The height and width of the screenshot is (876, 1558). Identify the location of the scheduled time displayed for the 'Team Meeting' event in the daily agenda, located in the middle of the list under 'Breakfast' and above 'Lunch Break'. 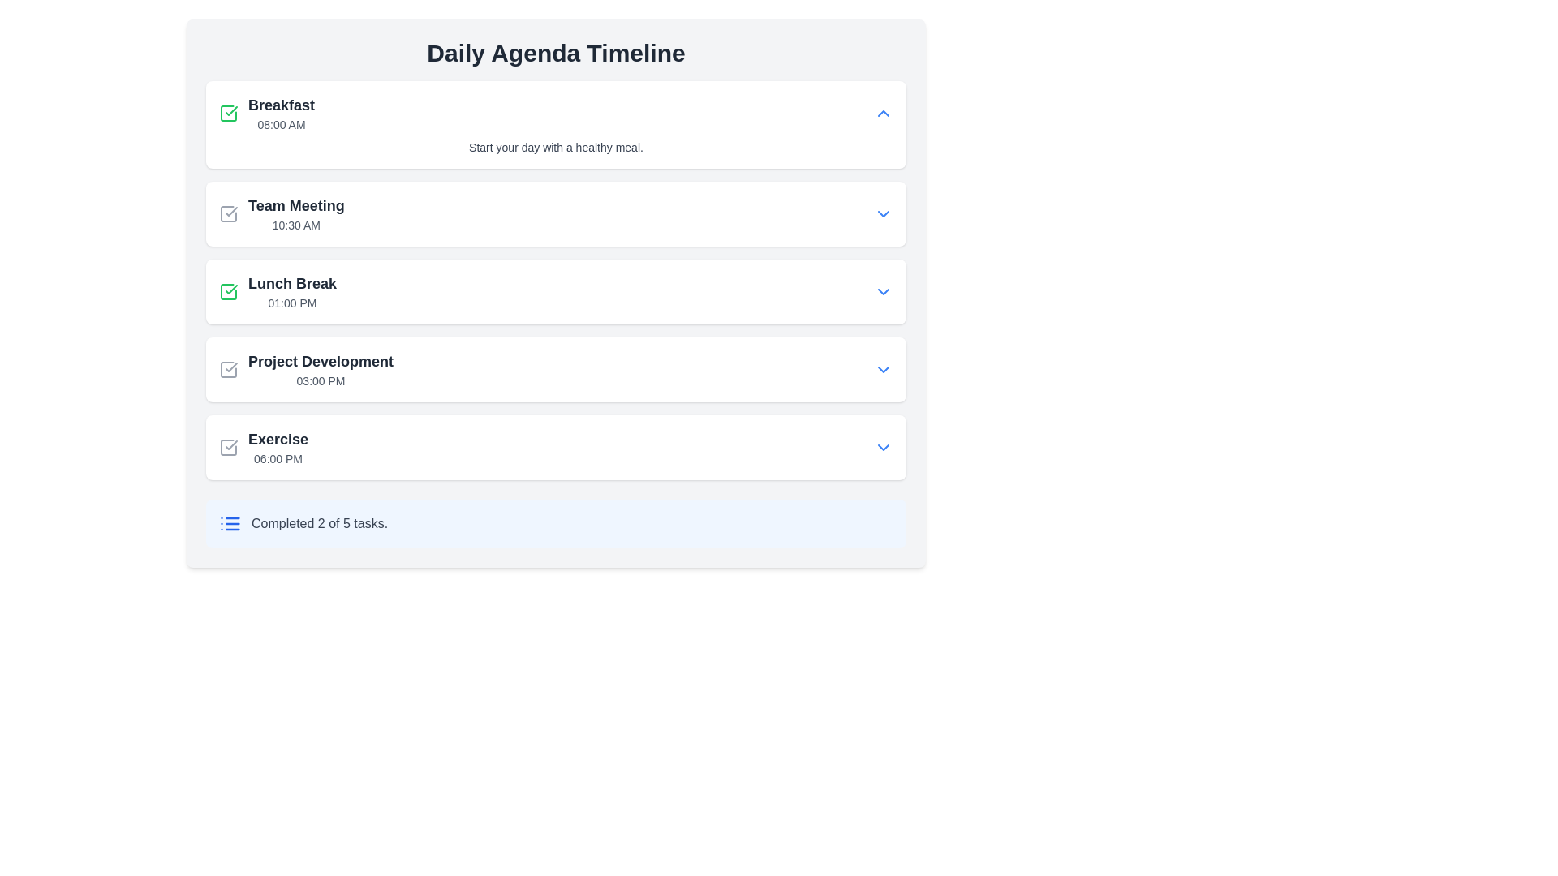
(296, 225).